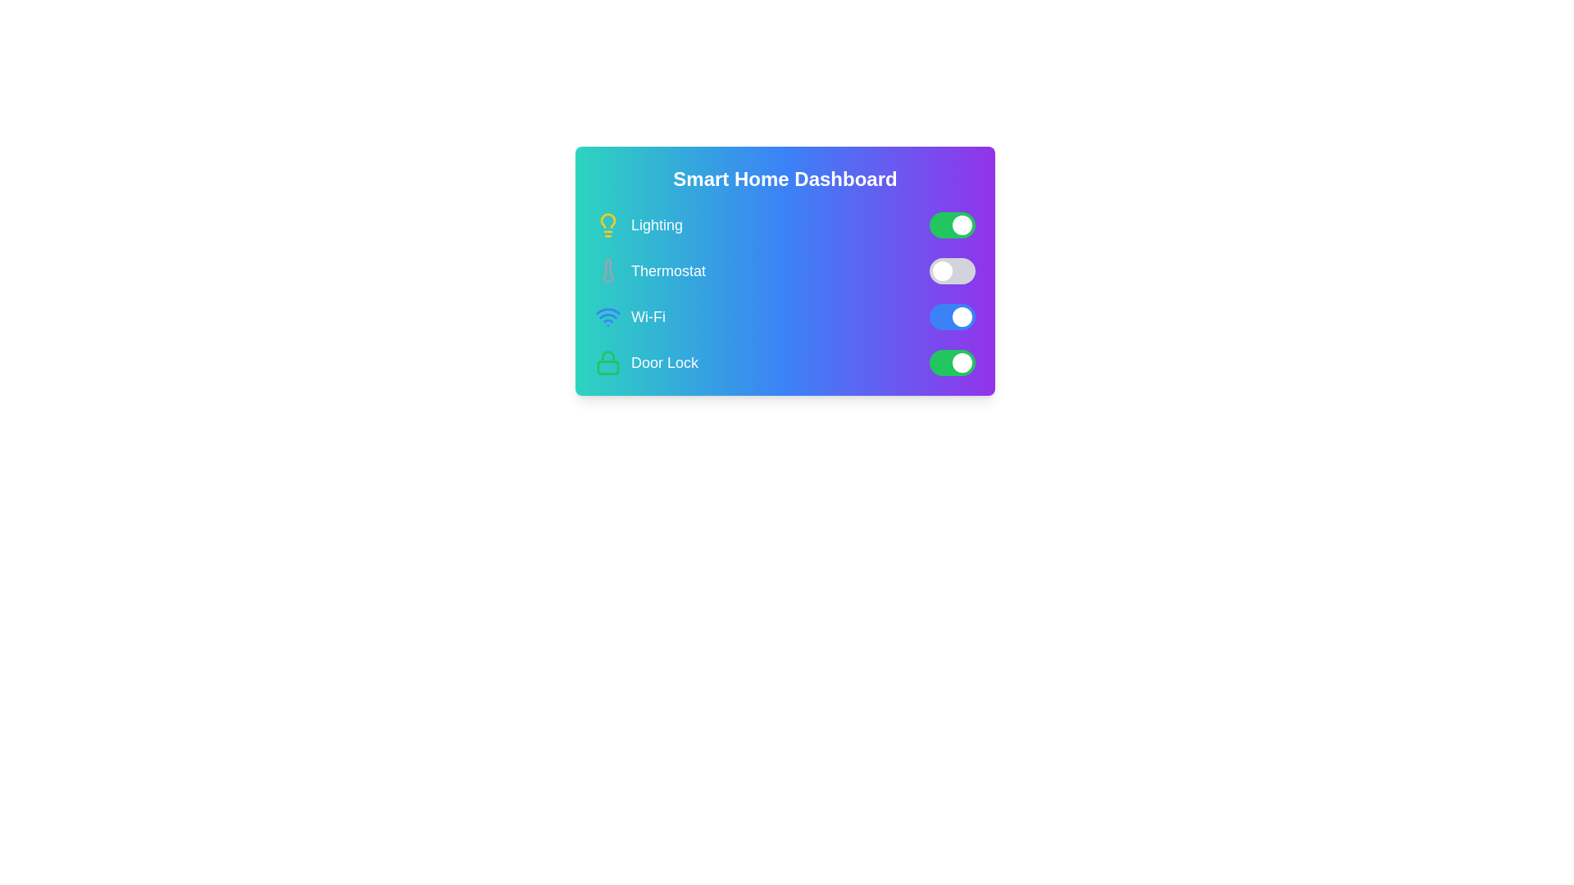 The image size is (1574, 885). Describe the element at coordinates (629, 316) in the screenshot. I see `the 'Wi-Fi' label with icon, which is styled in blue and indicates its grouping with a Wi-Fi icon, to understand the function of the adjacent toggle switch` at that location.